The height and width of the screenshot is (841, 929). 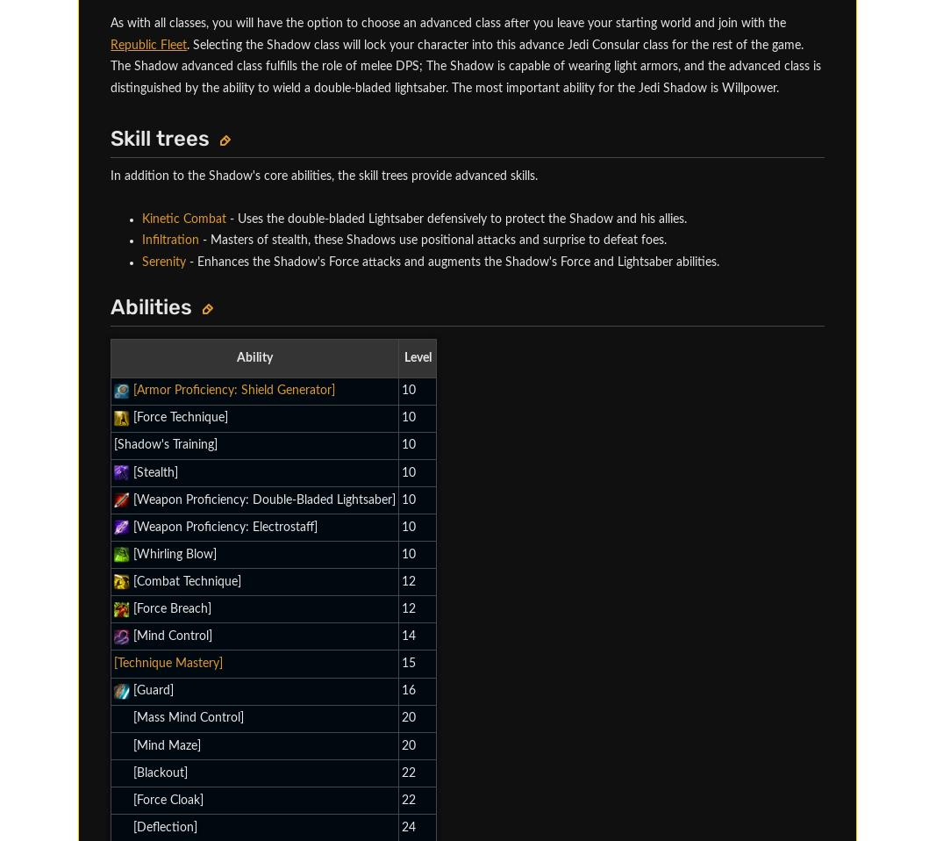 What do you see at coordinates (110, 37) in the screenshot?
I see `'Popular Pages'` at bounding box center [110, 37].